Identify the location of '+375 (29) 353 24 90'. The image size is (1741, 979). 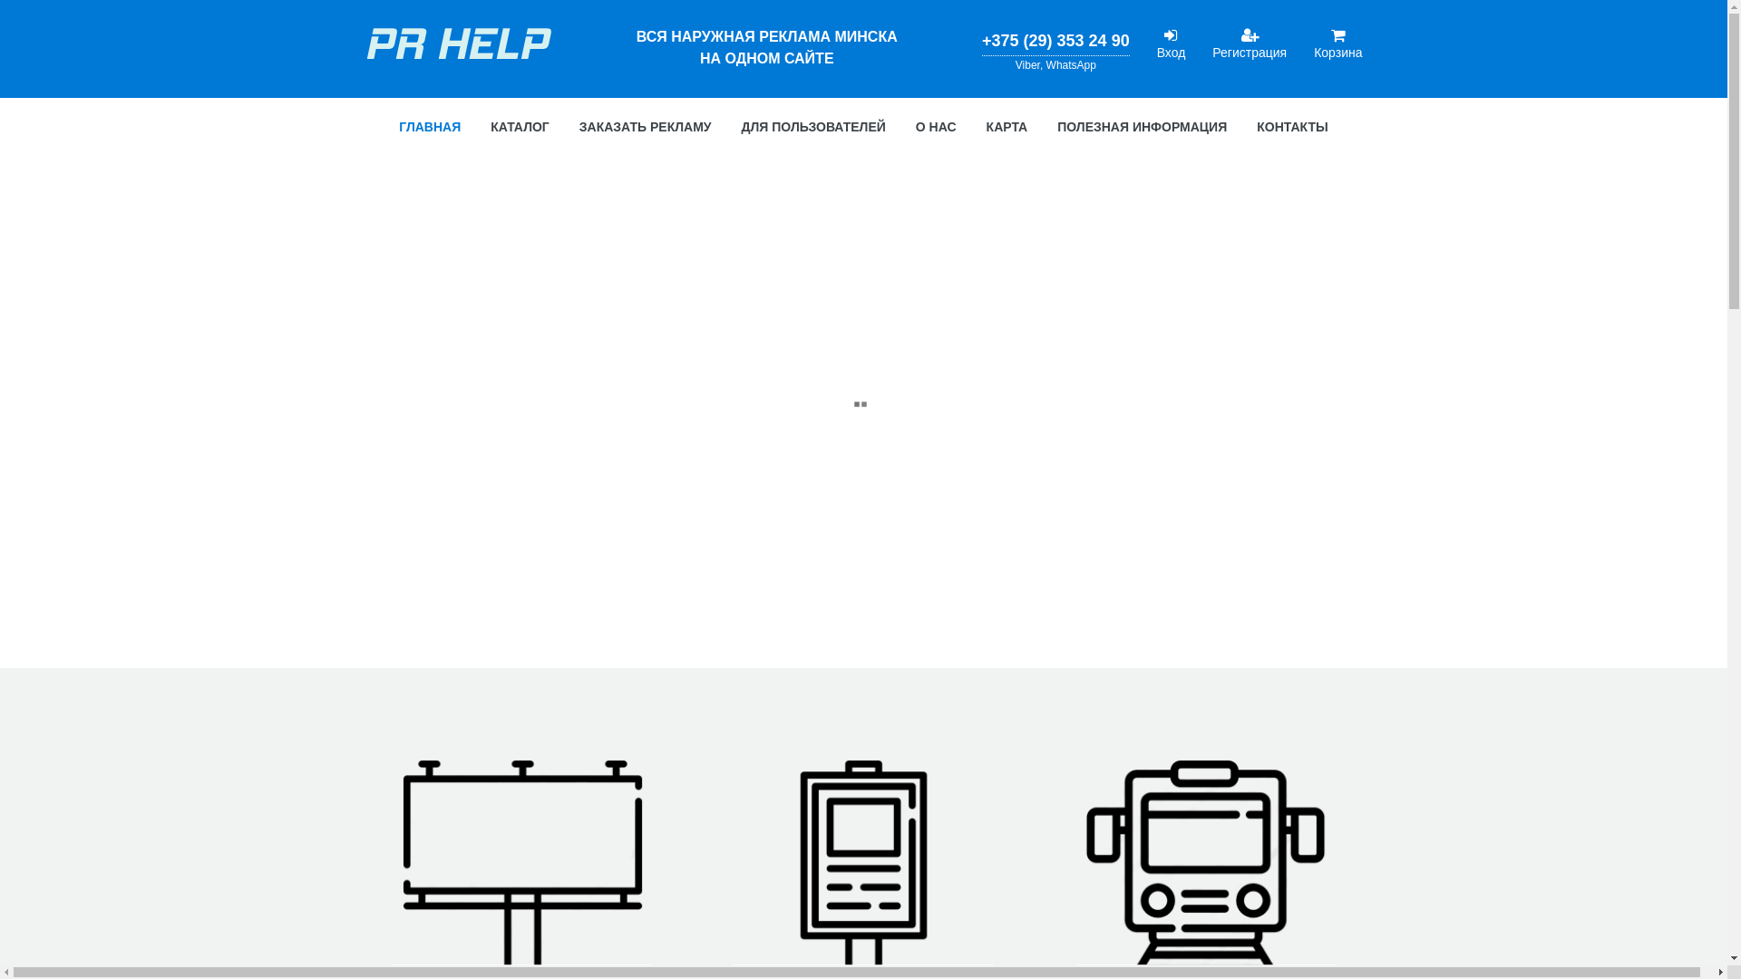
(1055, 41).